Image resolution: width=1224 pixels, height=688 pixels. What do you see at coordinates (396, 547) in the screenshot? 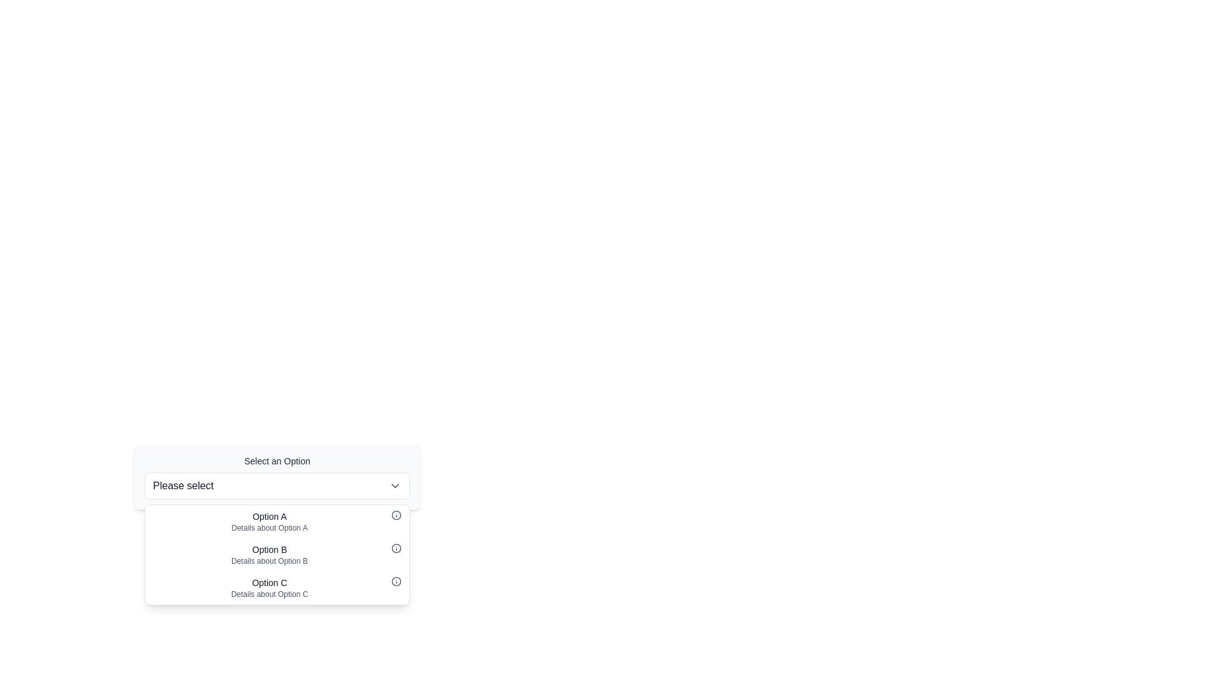
I see `the circular status or action indicator located to the far right of the 'Option B' text, which indicates an action or status` at bounding box center [396, 547].